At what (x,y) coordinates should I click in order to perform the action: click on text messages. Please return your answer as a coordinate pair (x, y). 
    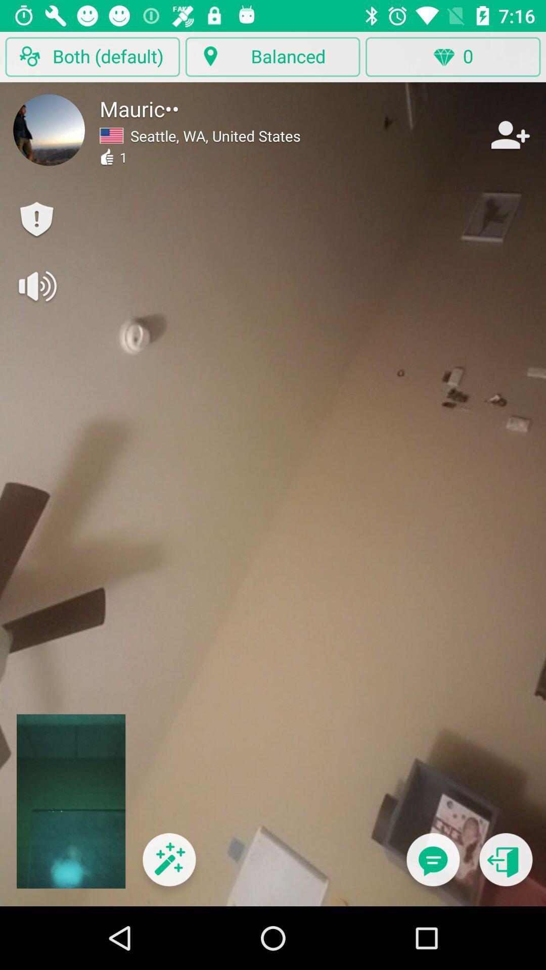
    Looking at the image, I should click on (432, 865).